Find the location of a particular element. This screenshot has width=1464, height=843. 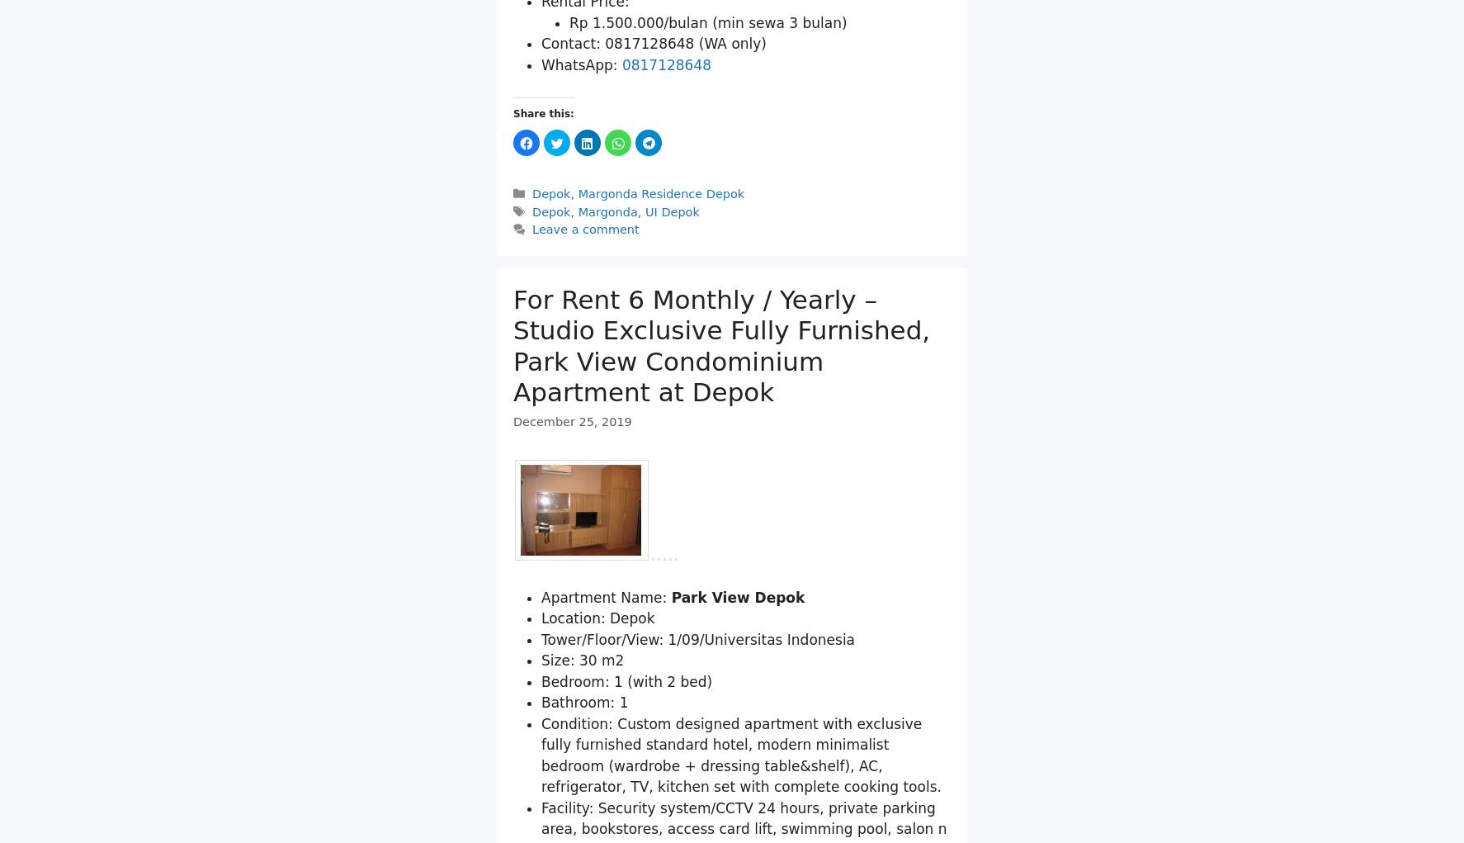

'Rental Price:' is located at coordinates (541, 86).